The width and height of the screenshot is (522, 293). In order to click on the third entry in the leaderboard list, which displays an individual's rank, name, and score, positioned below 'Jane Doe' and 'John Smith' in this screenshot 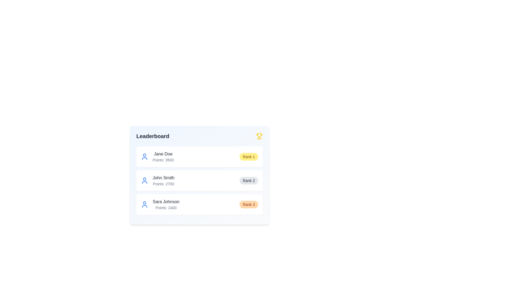, I will do `click(199, 204)`.